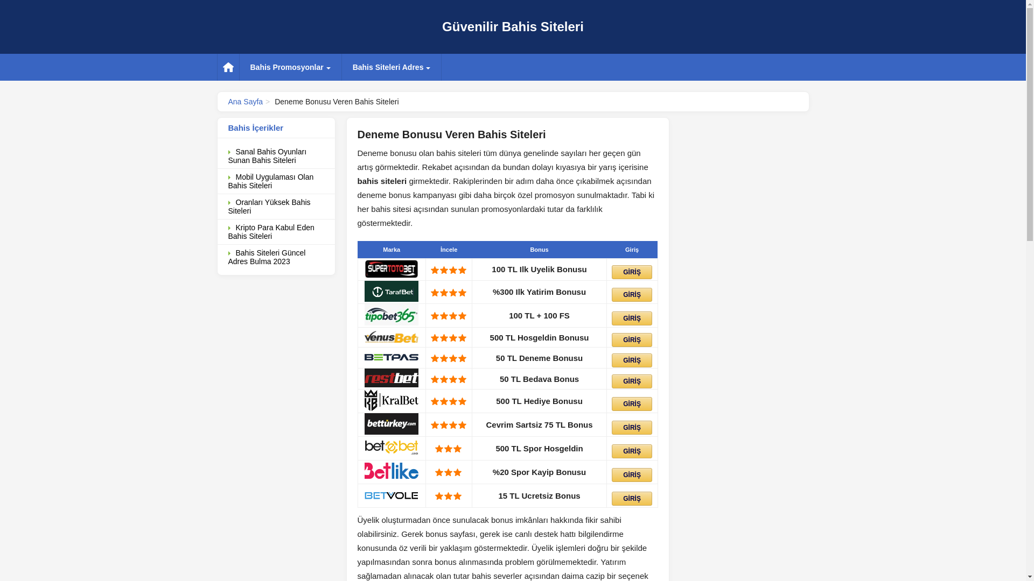 This screenshot has width=1034, height=581. Describe the element at coordinates (245, 102) in the screenshot. I see `'Ana Sayfa'` at that location.